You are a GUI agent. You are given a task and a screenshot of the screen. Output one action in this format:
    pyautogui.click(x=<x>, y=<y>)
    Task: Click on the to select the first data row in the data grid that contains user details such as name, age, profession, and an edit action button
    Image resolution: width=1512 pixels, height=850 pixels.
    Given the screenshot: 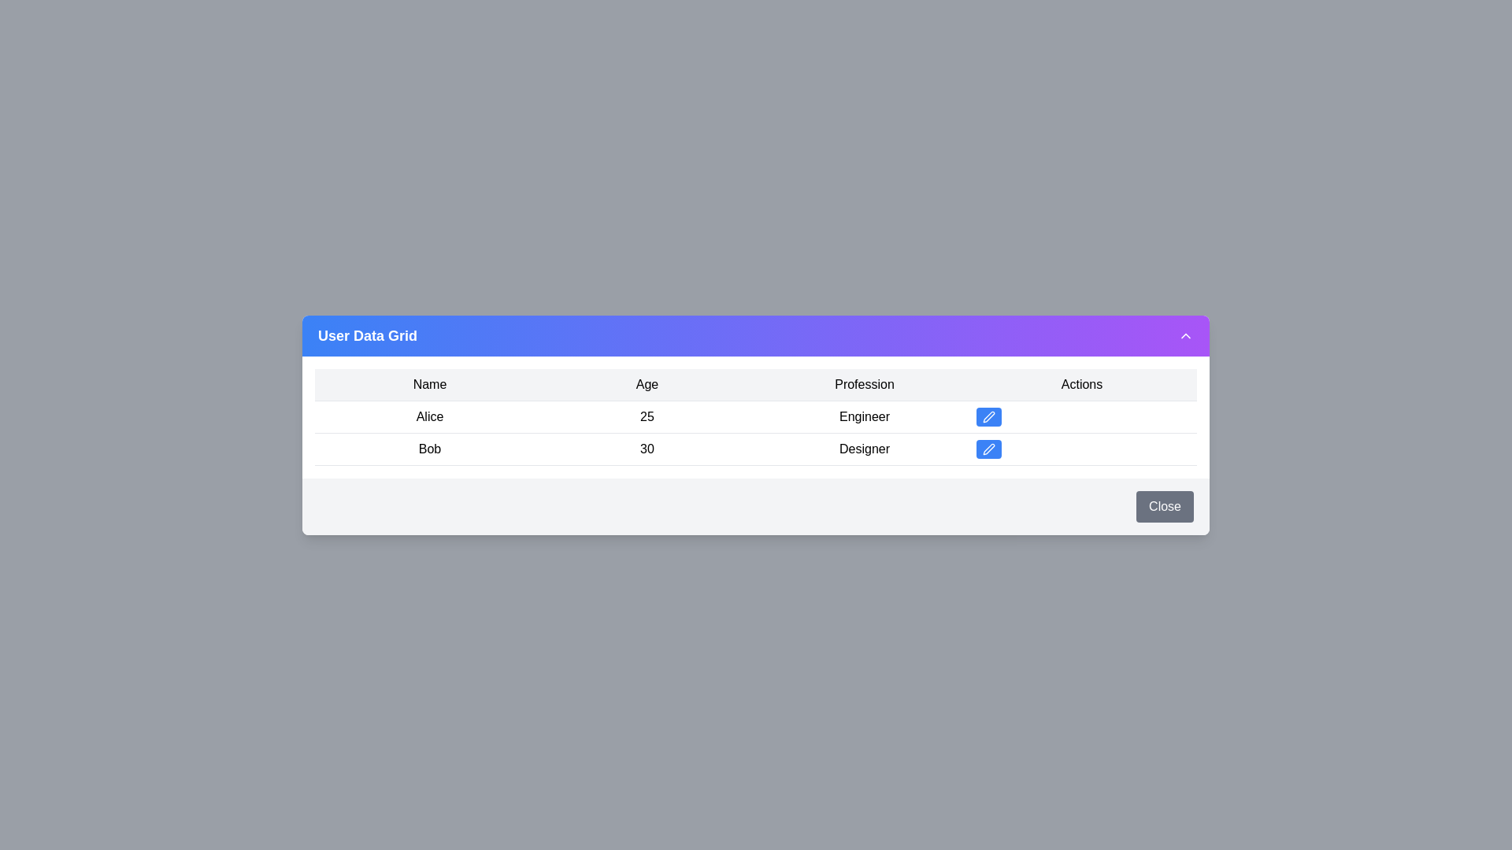 What is the action you would take?
    pyautogui.click(x=756, y=416)
    